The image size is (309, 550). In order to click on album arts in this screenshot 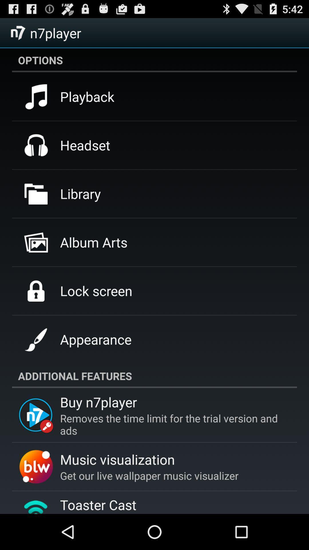, I will do `click(93, 242)`.